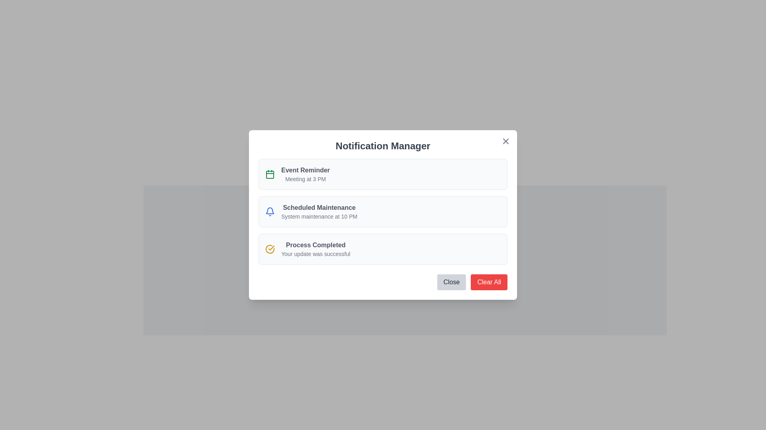  Describe the element at coordinates (383, 174) in the screenshot. I see `information presented in the Notification card with the title 'Event Reminder' and description 'Meeting at 3 PM.'` at that location.